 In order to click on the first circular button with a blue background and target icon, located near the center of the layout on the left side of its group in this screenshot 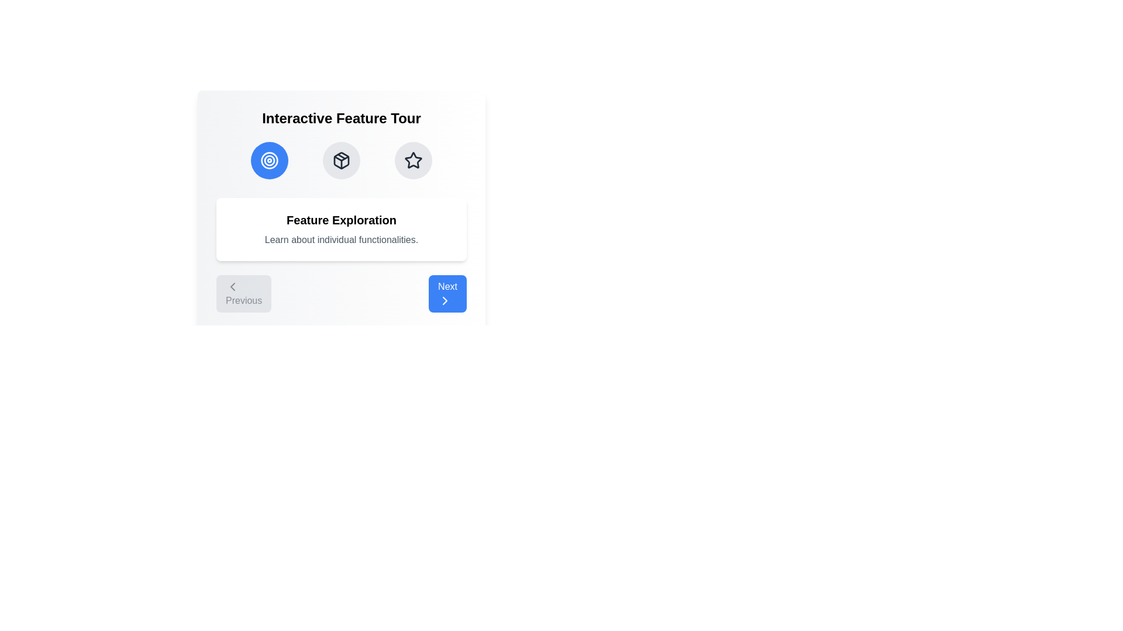, I will do `click(268, 160)`.